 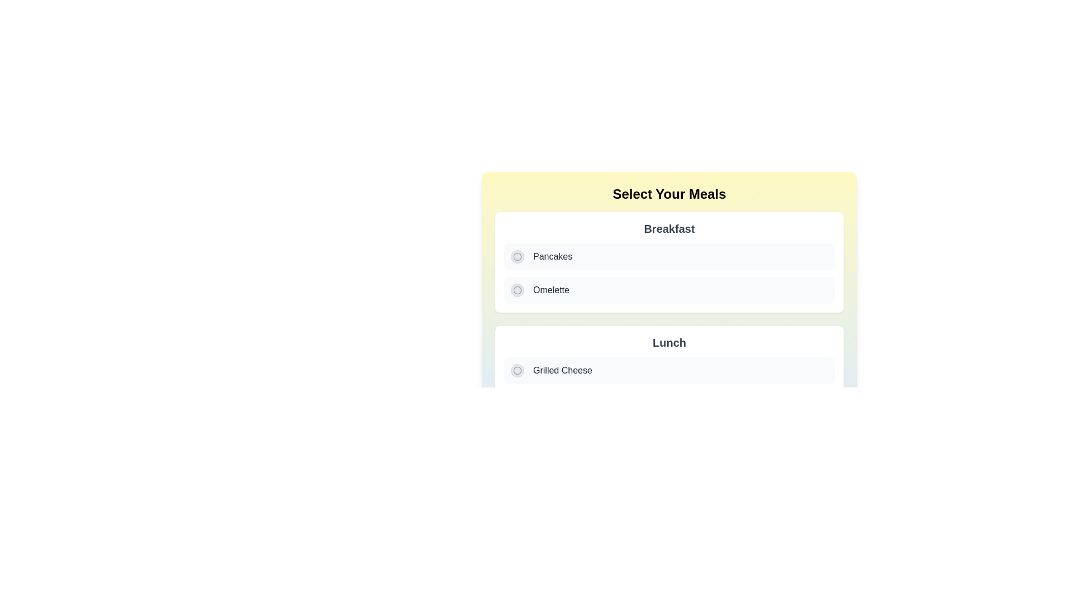 What do you see at coordinates (669, 376) in the screenshot?
I see `the 'Grilled Cheese' option within the 'Lunch' card, which features a white background, rounded corners, and a shadow effect, located in the lower half of the interface` at bounding box center [669, 376].